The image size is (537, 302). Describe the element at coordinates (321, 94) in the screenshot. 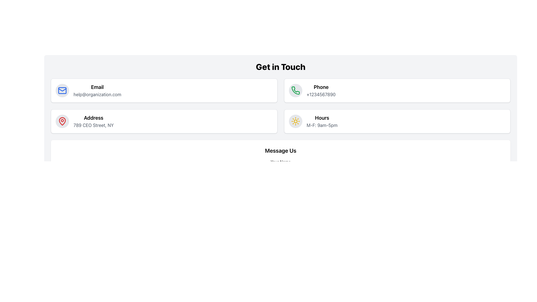

I see `the text display element showing the phone number '+1234567890', styled in gray, located next to the label 'Phone'` at that location.